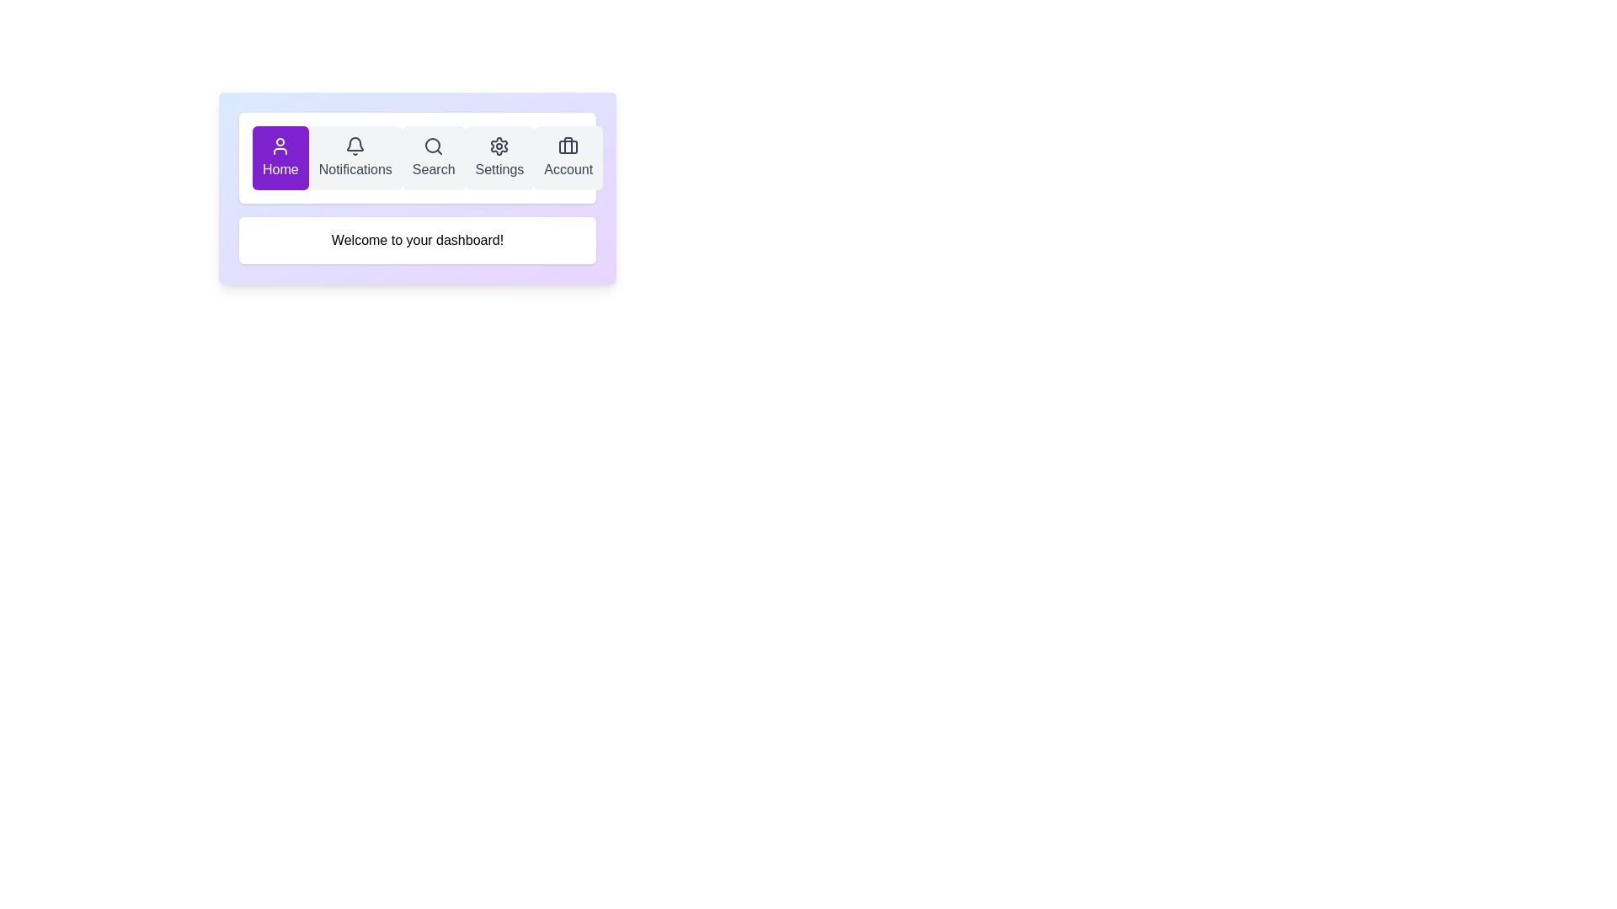 Image resolution: width=1617 pixels, height=909 pixels. What do you see at coordinates (355, 145) in the screenshot?
I see `the bell icon representing notifications` at bounding box center [355, 145].